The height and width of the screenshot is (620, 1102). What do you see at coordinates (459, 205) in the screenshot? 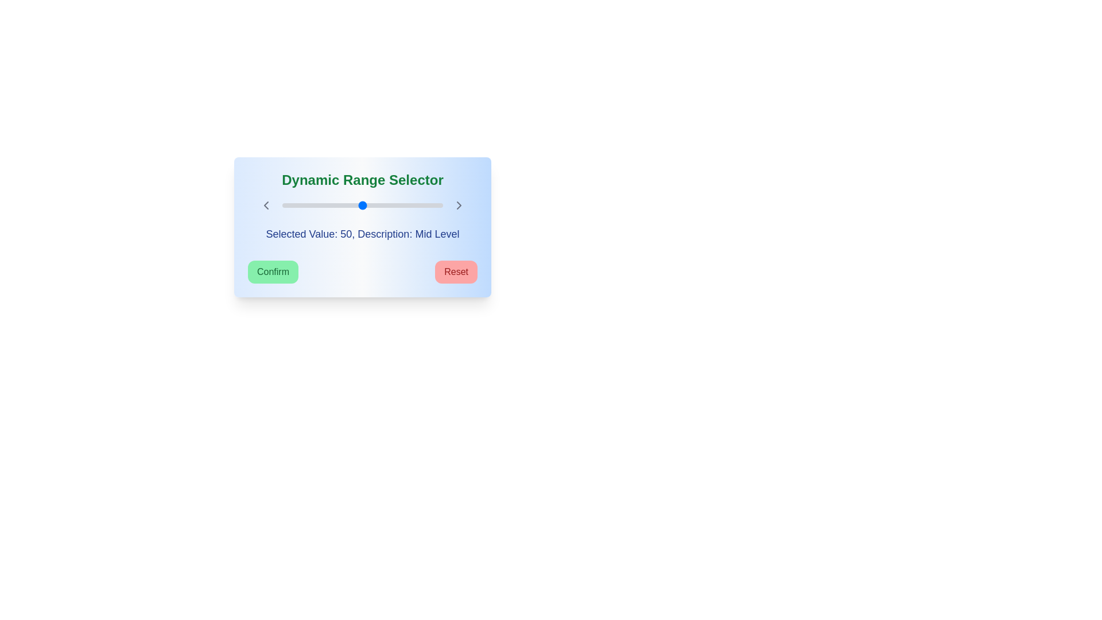
I see `the chevron right arrow SVG icon, which is used for navigation in the control panel` at bounding box center [459, 205].